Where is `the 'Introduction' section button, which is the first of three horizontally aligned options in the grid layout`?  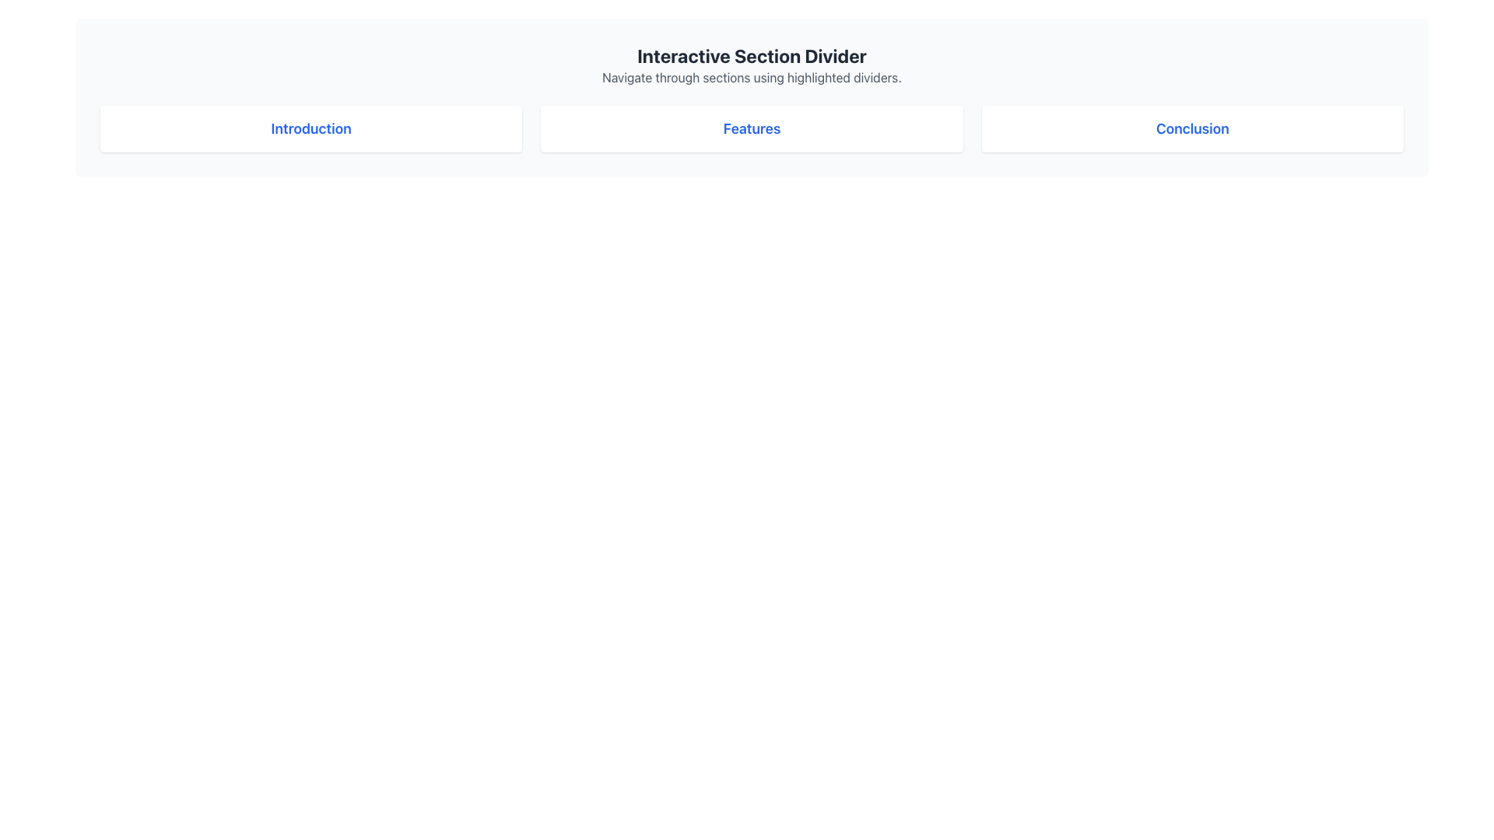
the 'Introduction' section button, which is the first of three horizontally aligned options in the grid layout is located at coordinates (311, 128).